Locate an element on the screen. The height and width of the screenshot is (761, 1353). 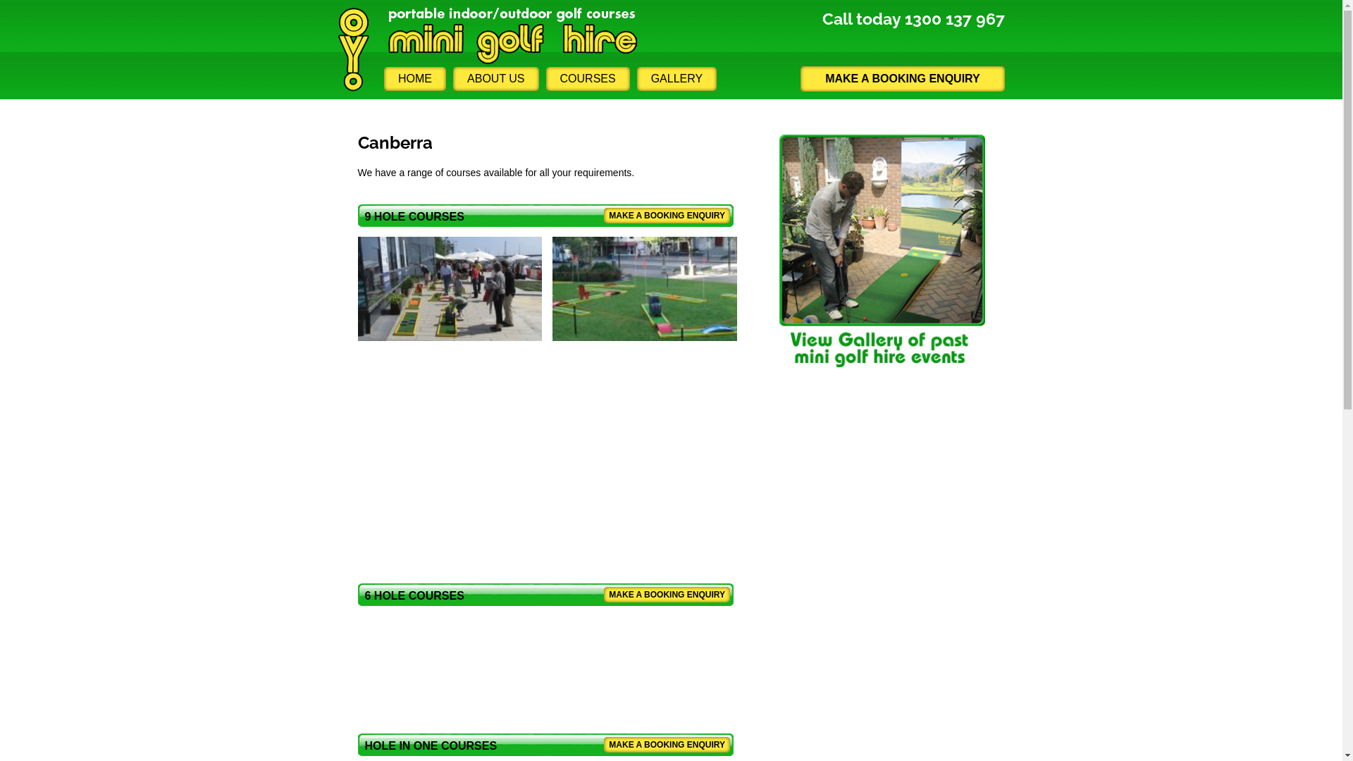
'GALLERY' is located at coordinates (676, 78).